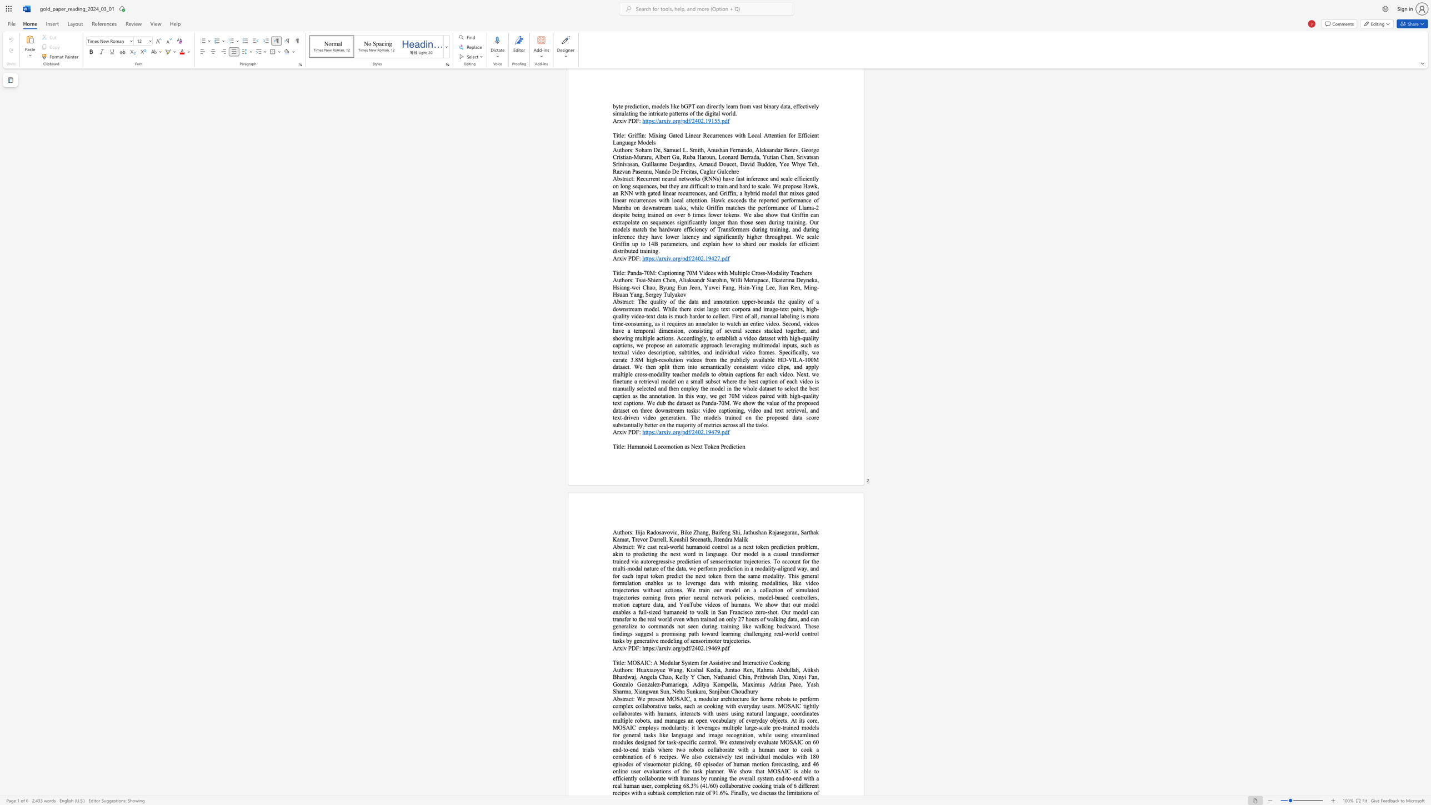  What do you see at coordinates (636, 431) in the screenshot?
I see `the subset text "F:" within the text "Arxiv PDF:"` at bounding box center [636, 431].